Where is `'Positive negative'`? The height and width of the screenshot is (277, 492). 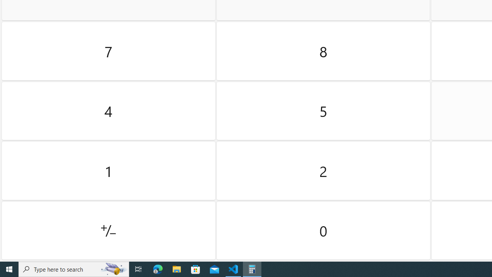 'Positive negative' is located at coordinates (108, 230).